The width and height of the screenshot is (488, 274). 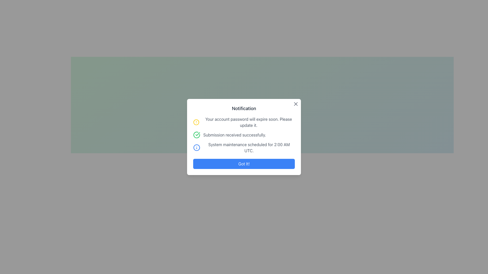 I want to click on the second notification in the notification modal that indicates successful submission, located between the yellow alert notification and the blue info notification, so click(x=244, y=135).